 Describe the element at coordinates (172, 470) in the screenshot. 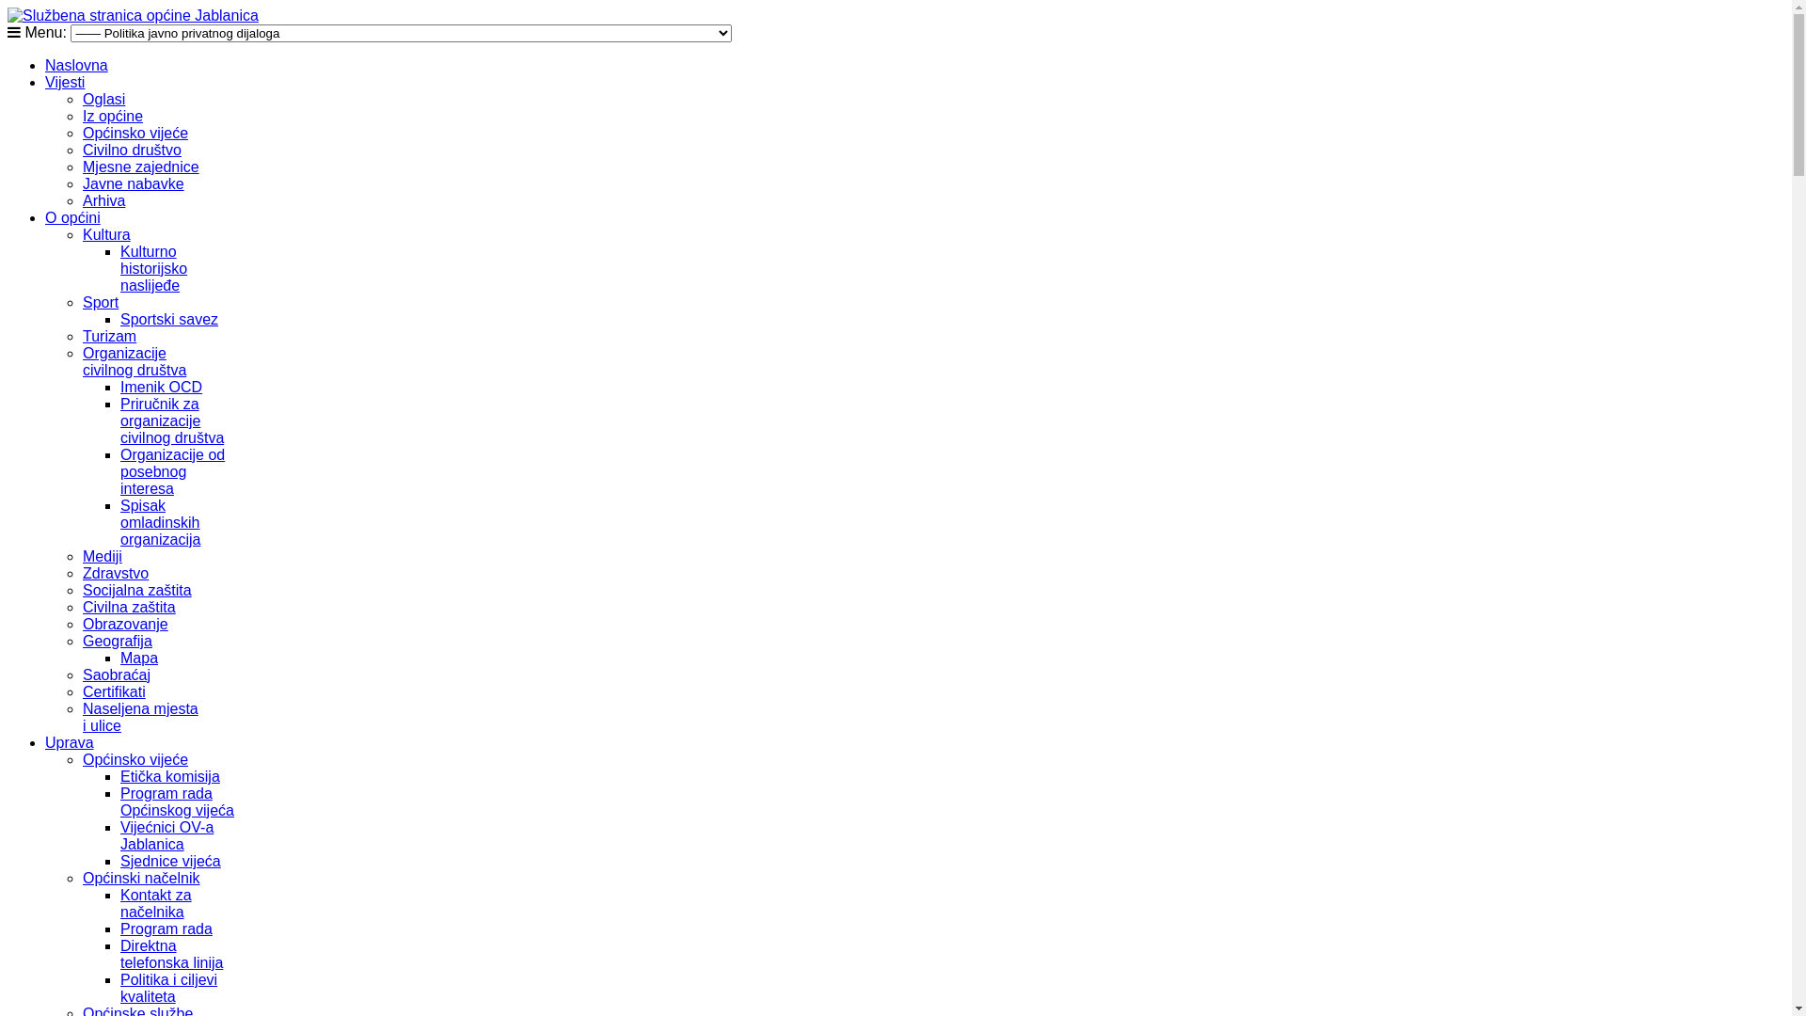

I see `'Organizacije od posebnog interesa'` at that location.